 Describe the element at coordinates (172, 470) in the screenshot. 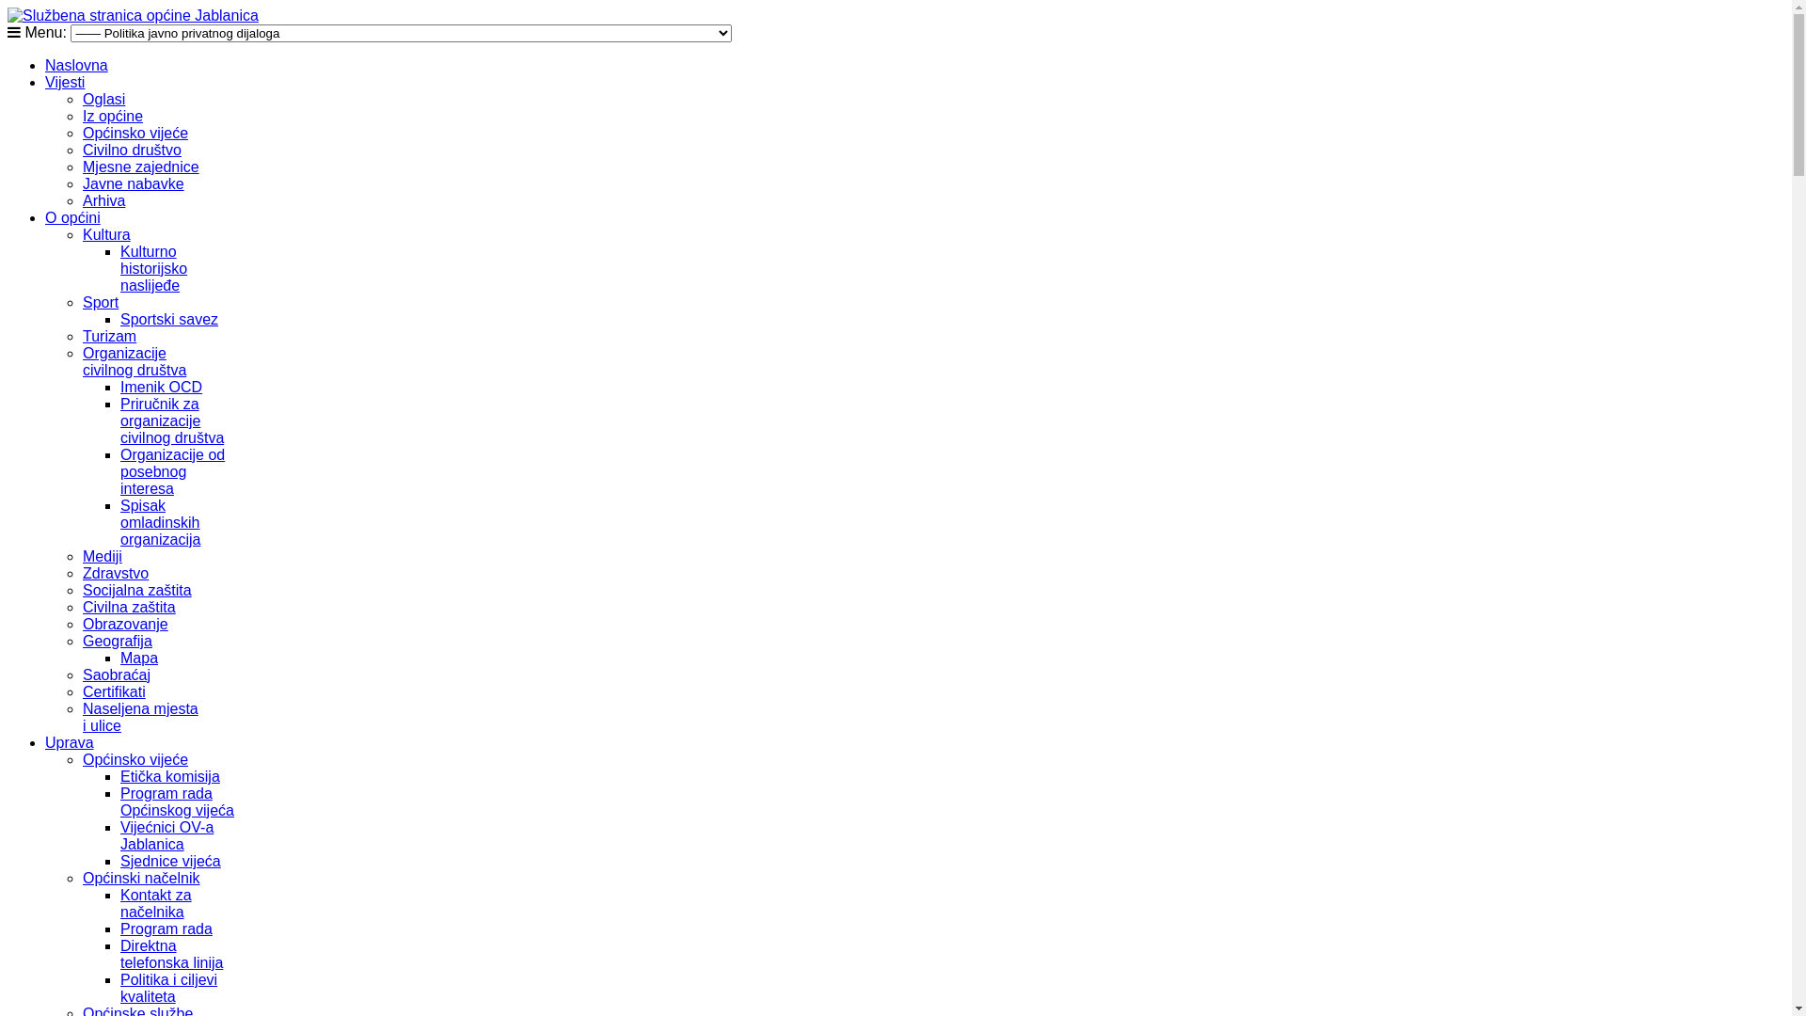

I see `'Organizacije od posebnog interesa'` at that location.